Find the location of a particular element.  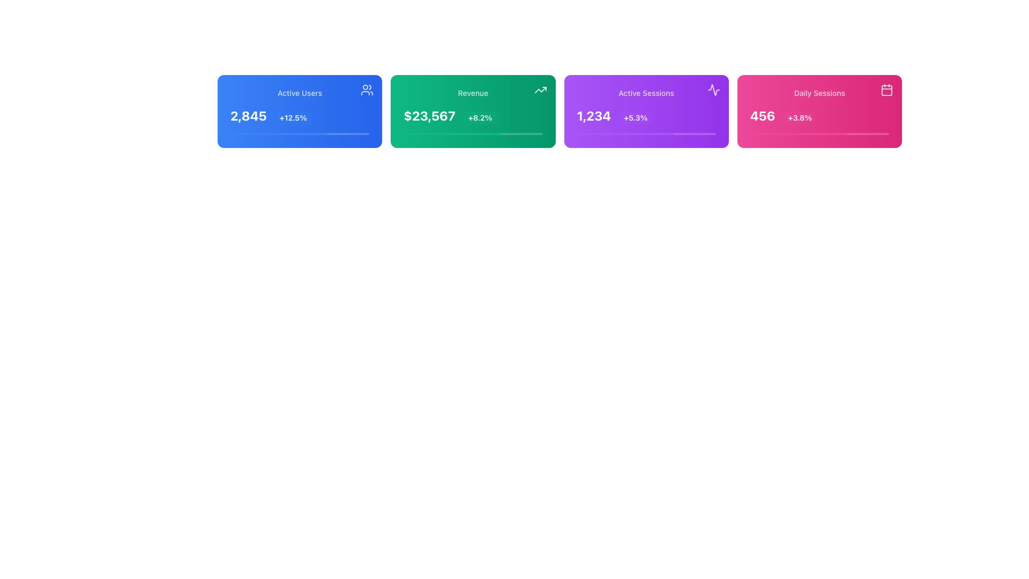

the decorative icon is located at coordinates (887, 90).